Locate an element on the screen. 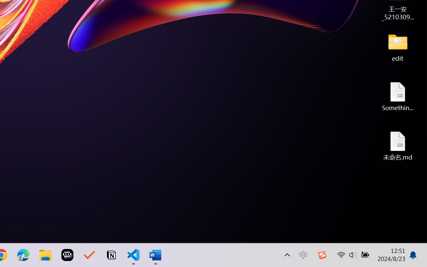 Image resolution: width=427 pixels, height=267 pixels. 'Microsoft Edge' is located at coordinates (23, 255).